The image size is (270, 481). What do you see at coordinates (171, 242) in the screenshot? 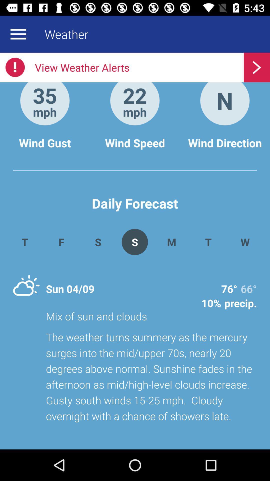
I see `item to the right of s app` at bounding box center [171, 242].